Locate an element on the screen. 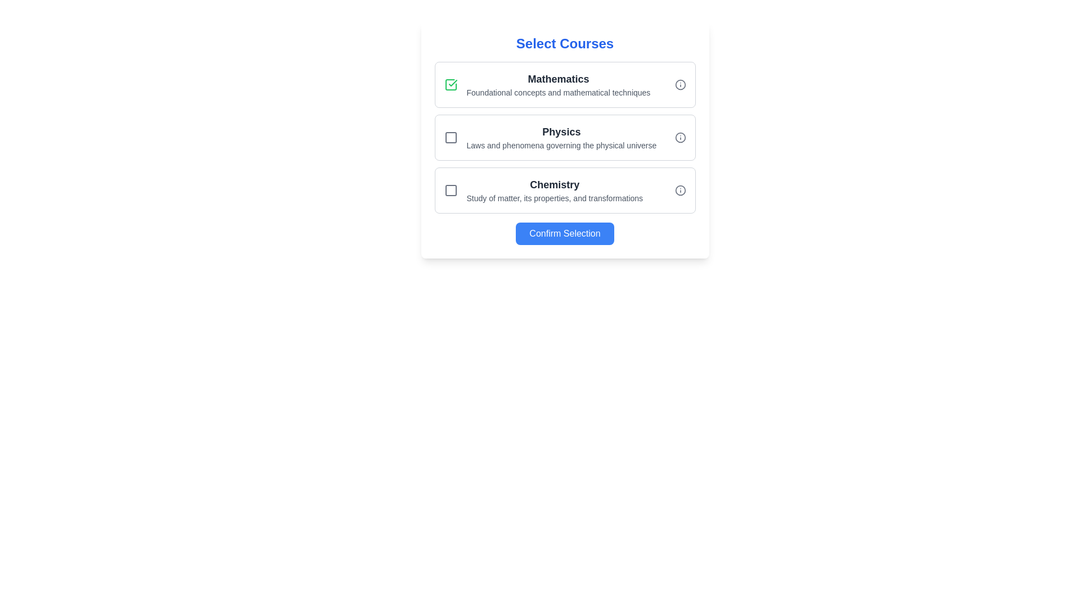 This screenshot has height=607, width=1080. the checkbox for the 'Mathematics' course is located at coordinates (451, 84).